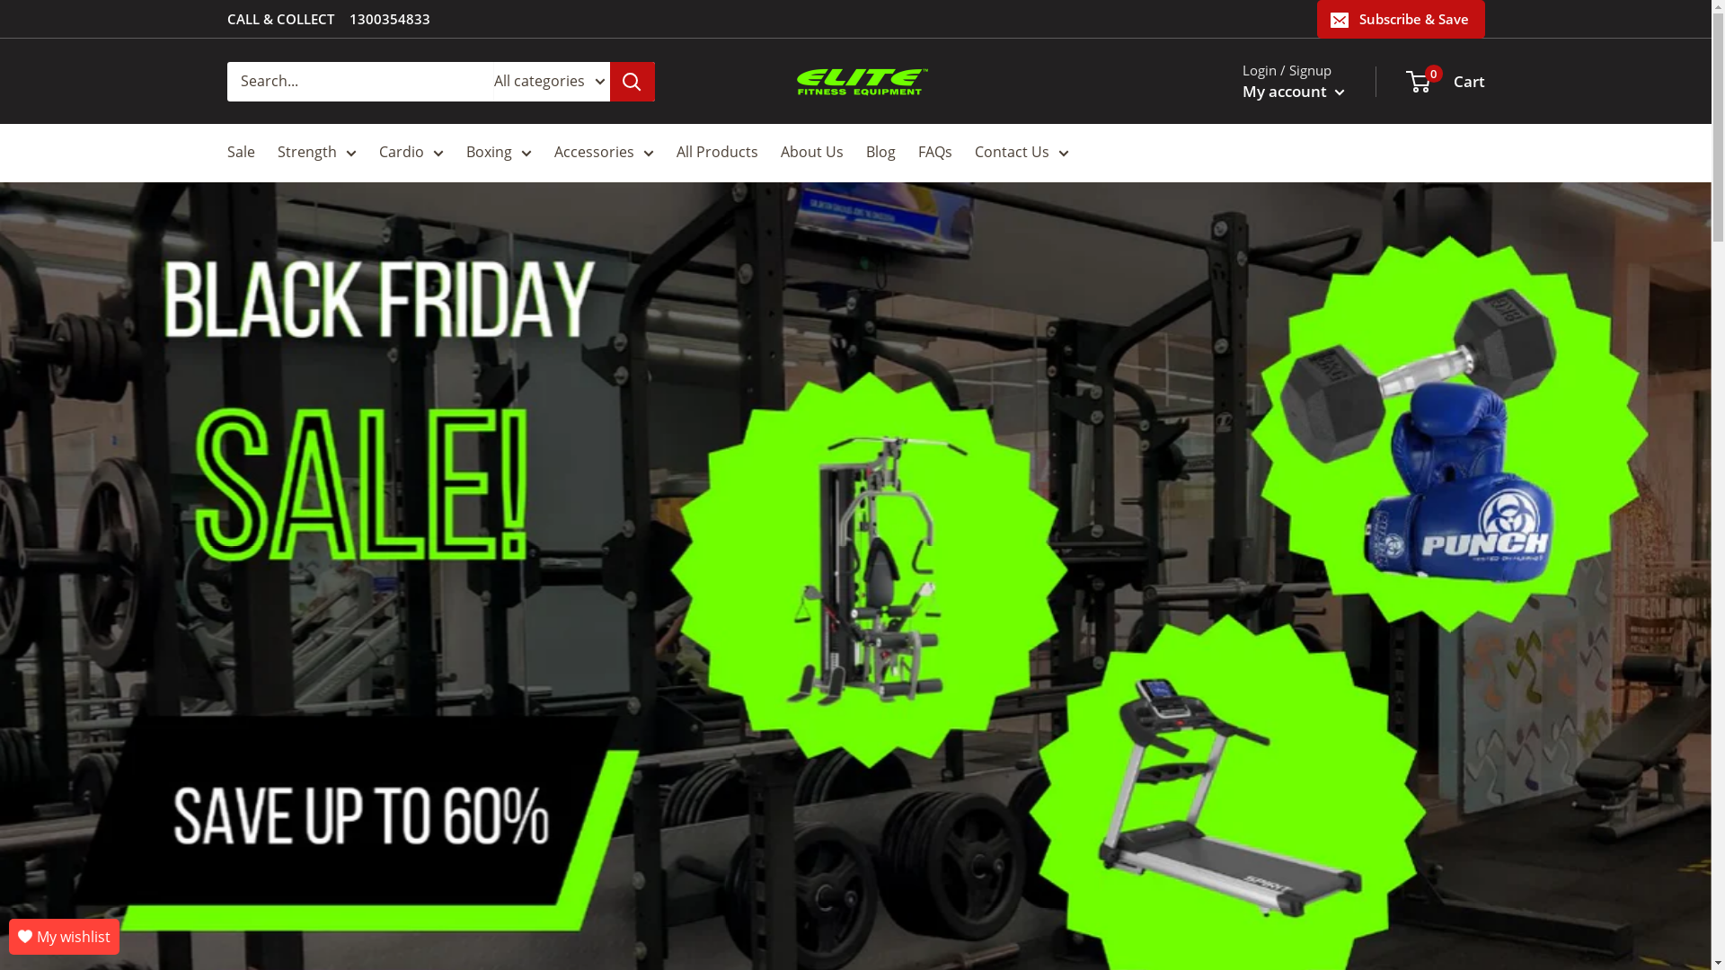  Describe the element at coordinates (1316, 18) in the screenshot. I see `'Subscribe & Save'` at that location.